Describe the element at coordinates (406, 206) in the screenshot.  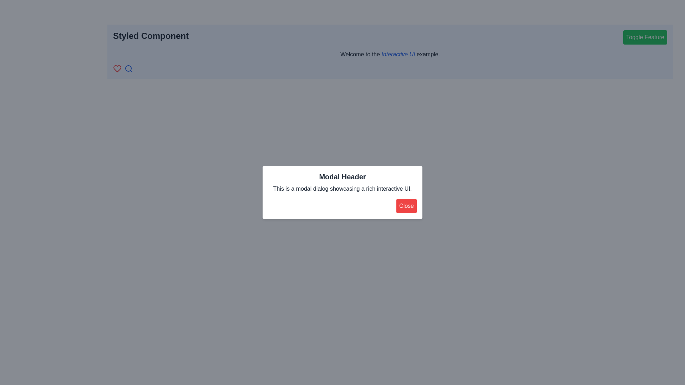
I see `the close button located at the bottom-right corner of the modal window` at that location.